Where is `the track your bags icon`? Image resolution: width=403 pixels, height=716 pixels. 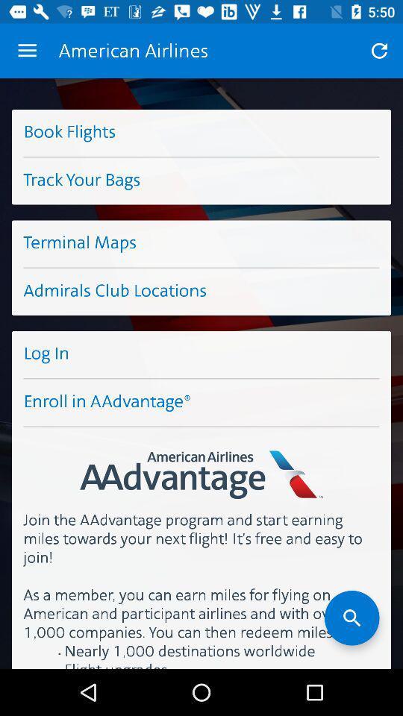 the track your bags icon is located at coordinates (201, 180).